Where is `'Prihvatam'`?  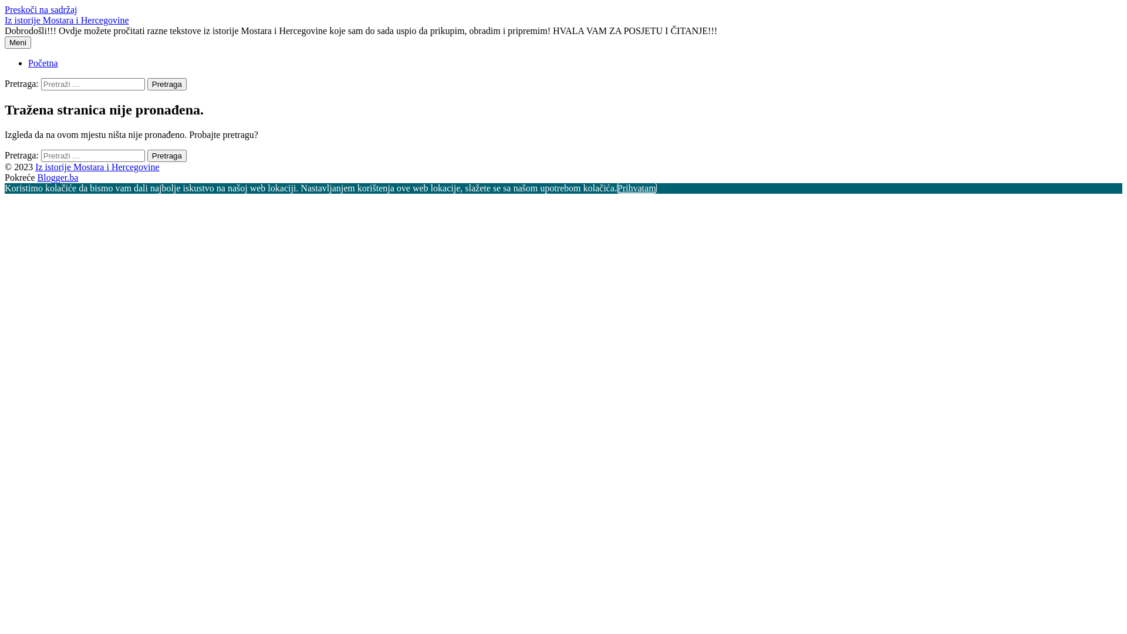 'Prihvatam' is located at coordinates (636, 187).